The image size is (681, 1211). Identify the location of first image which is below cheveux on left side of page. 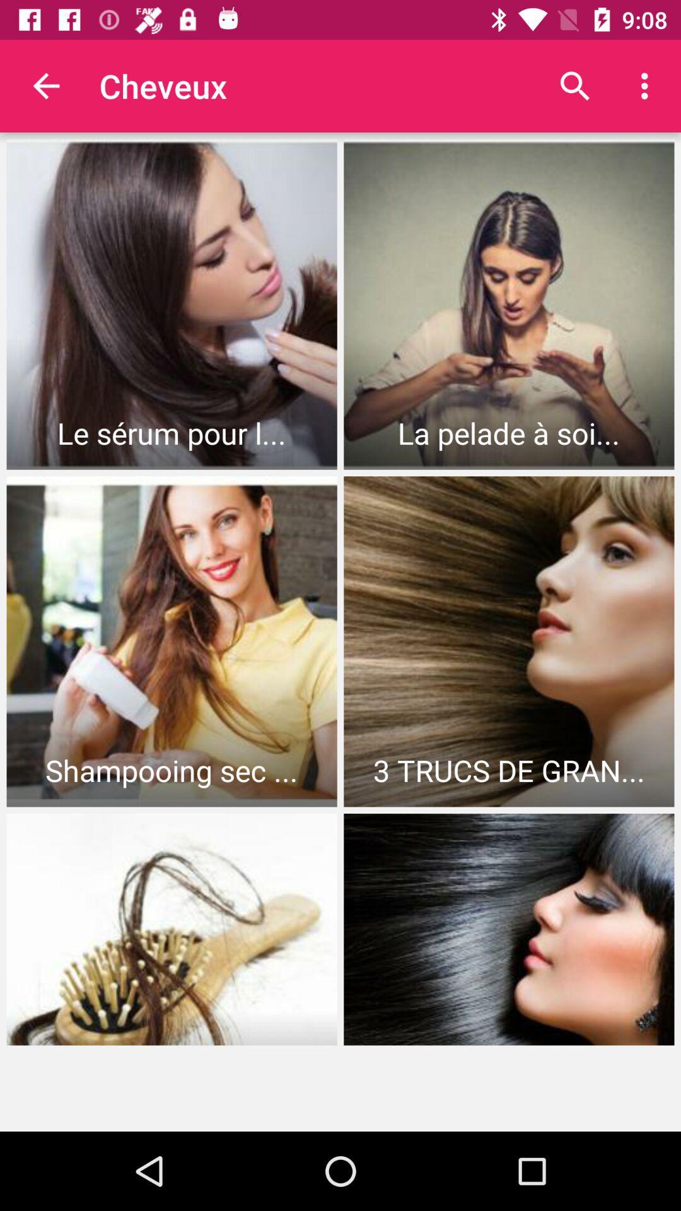
(172, 305).